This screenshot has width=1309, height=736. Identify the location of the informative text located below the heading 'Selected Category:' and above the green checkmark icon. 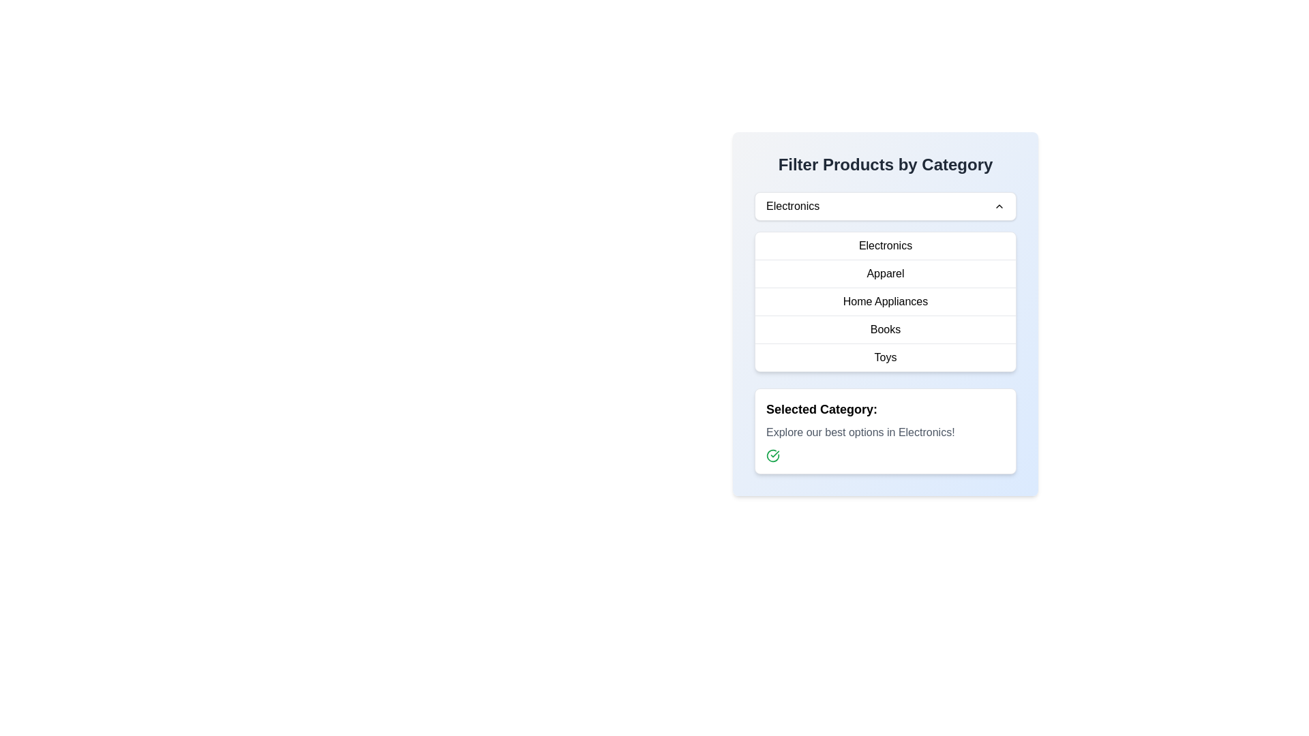
(886, 433).